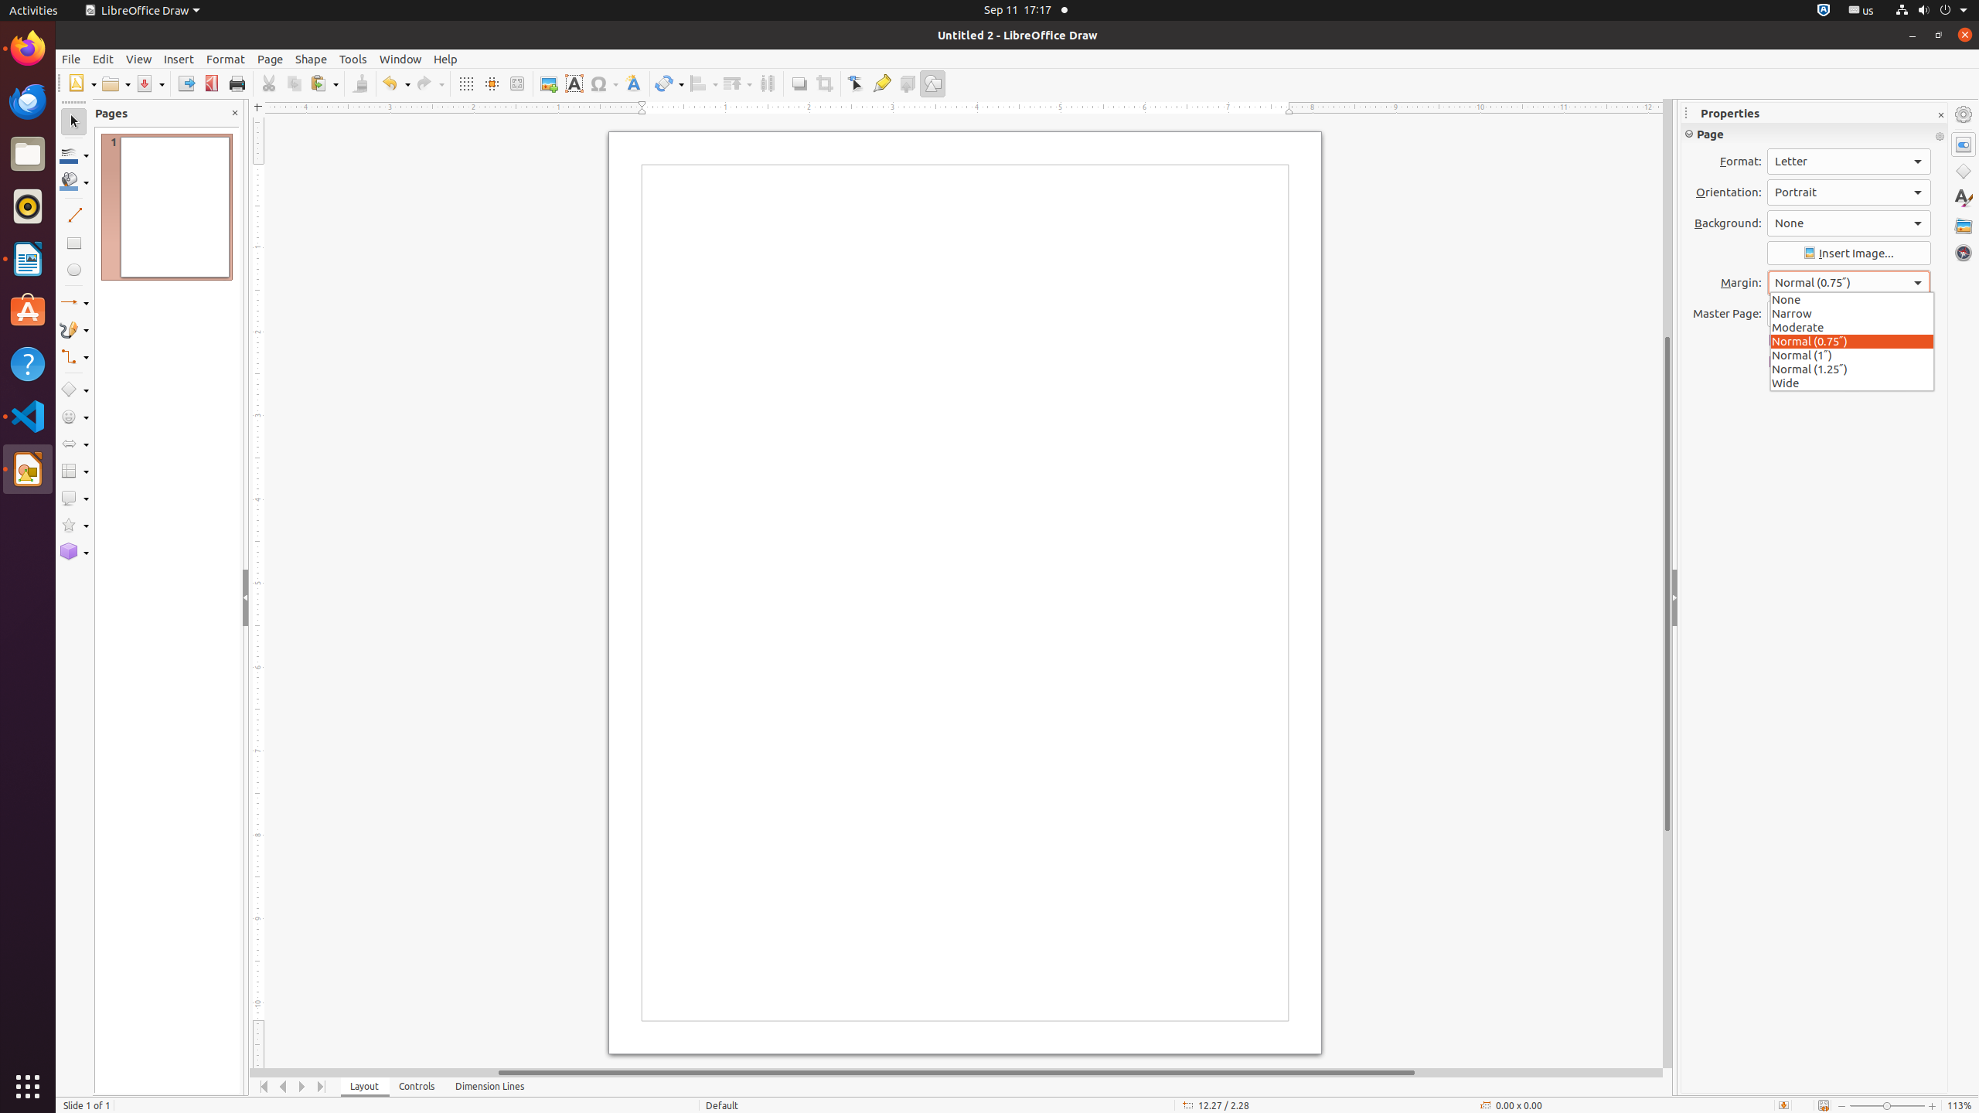 The width and height of the screenshot is (1979, 1113). What do you see at coordinates (881, 83) in the screenshot?
I see `'Glue Points'` at bounding box center [881, 83].